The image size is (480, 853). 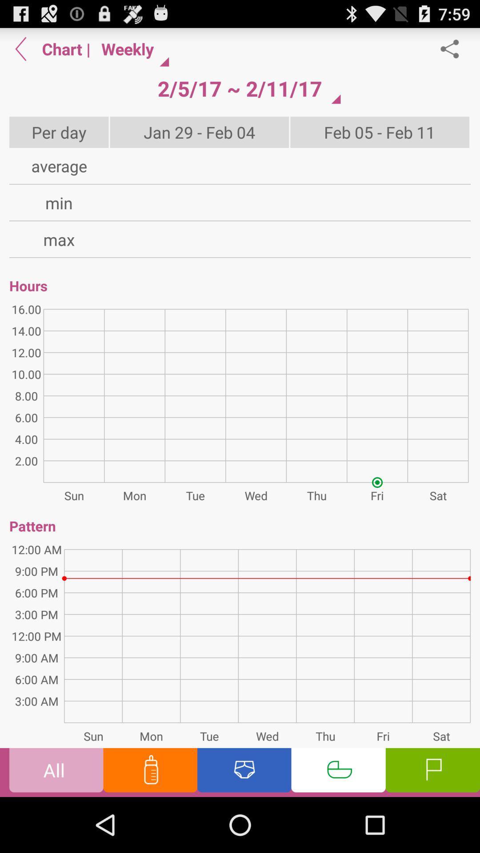 What do you see at coordinates (132, 48) in the screenshot?
I see `the weekly item` at bounding box center [132, 48].